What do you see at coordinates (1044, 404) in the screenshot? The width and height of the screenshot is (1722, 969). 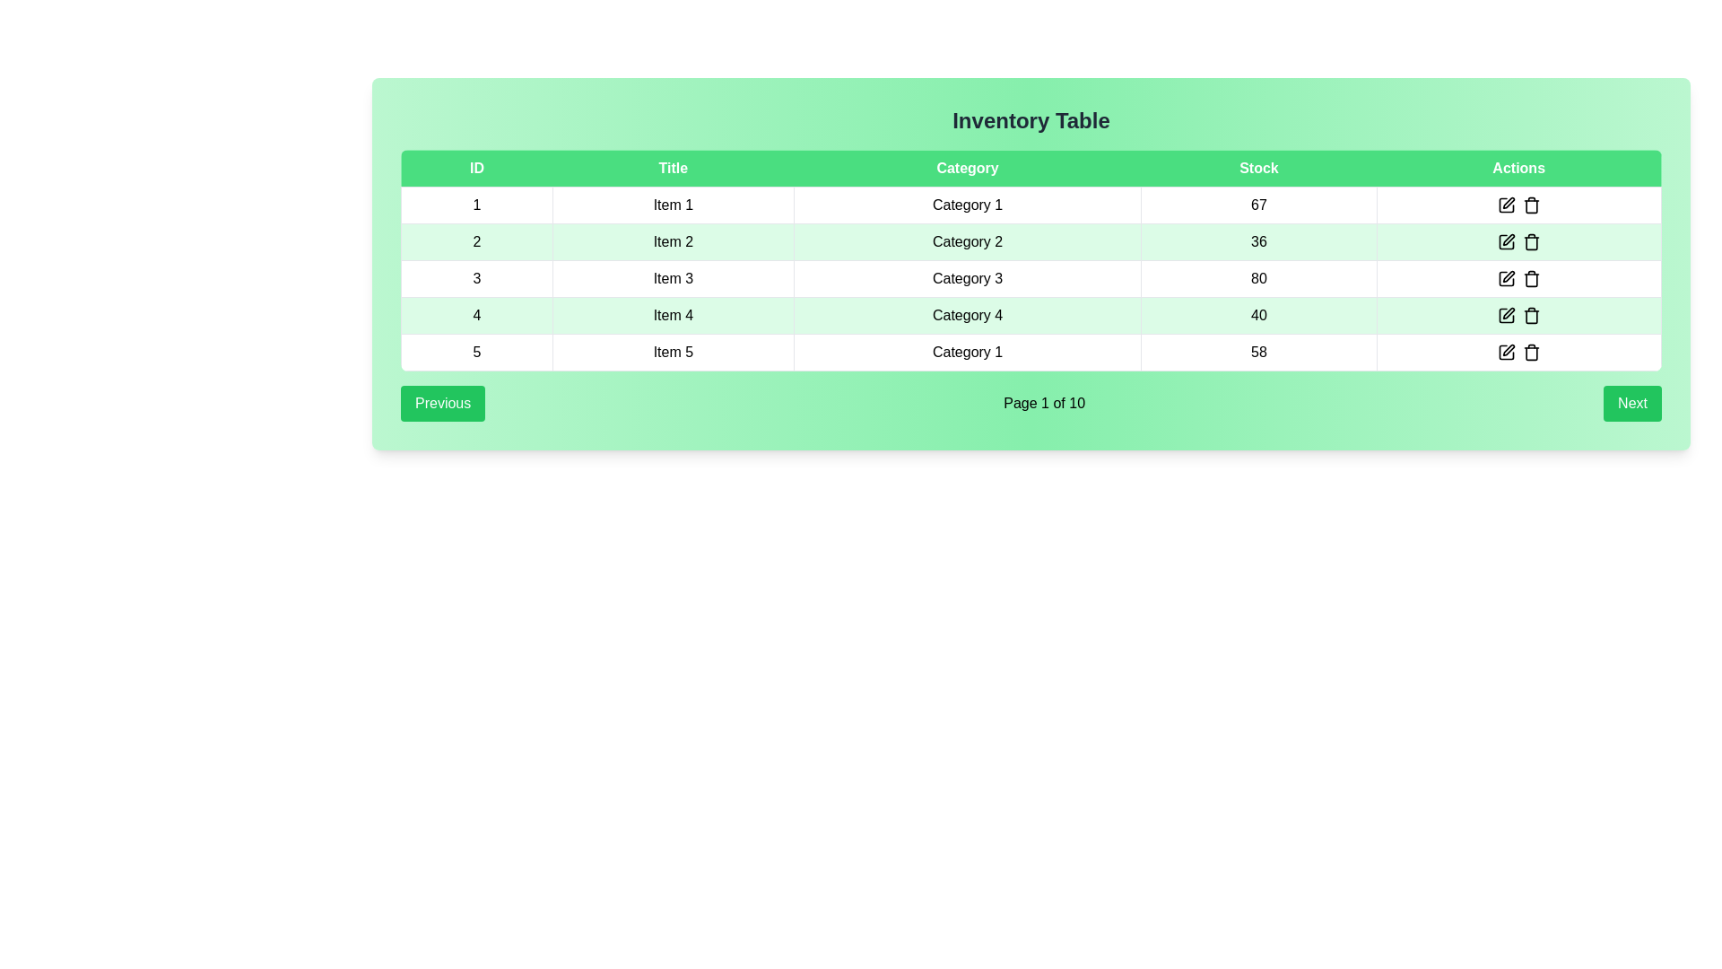 I see `the text label that displays the current page number and total pages in the pagination control group at the bottom of the table interface` at bounding box center [1044, 404].